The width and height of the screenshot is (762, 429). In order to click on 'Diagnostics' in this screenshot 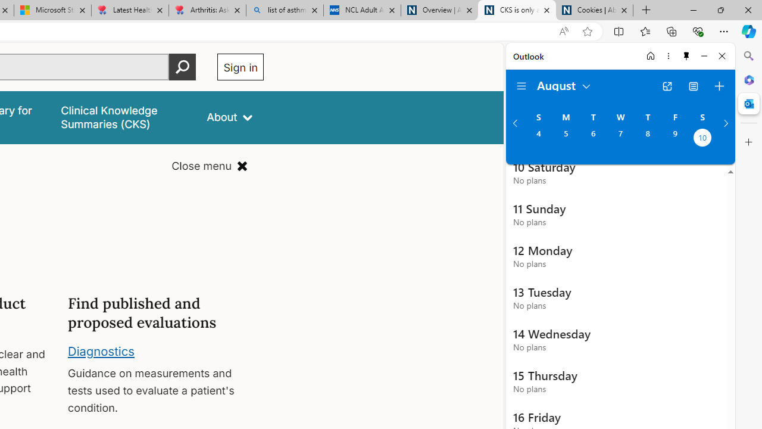, I will do `click(101, 350)`.